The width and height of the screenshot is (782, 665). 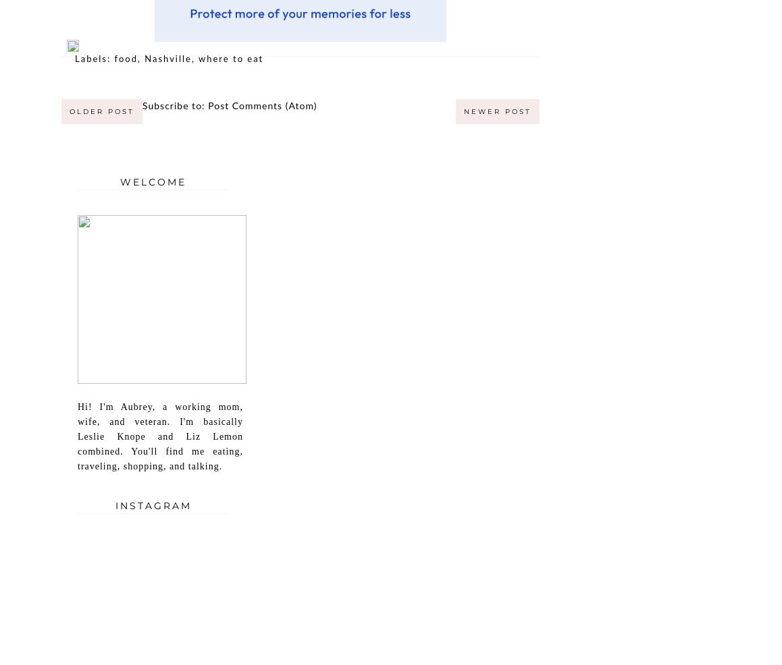 What do you see at coordinates (261, 105) in the screenshot?
I see `'Post Comments (Atom)'` at bounding box center [261, 105].